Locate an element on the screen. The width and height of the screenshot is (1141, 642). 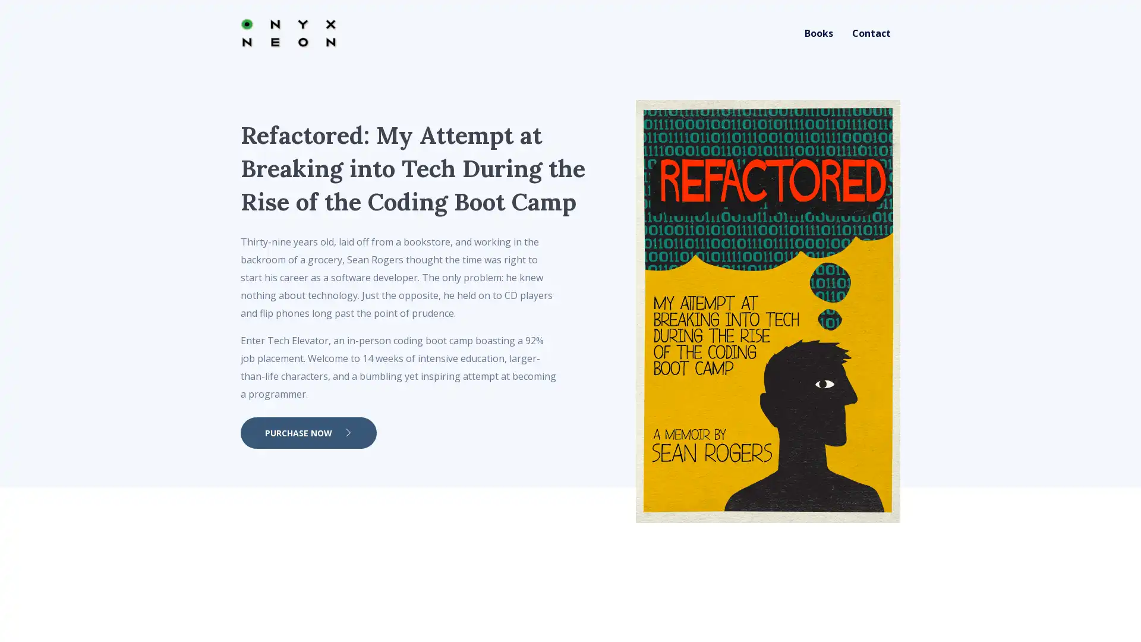
PURCHASE NOW is located at coordinates (308, 433).